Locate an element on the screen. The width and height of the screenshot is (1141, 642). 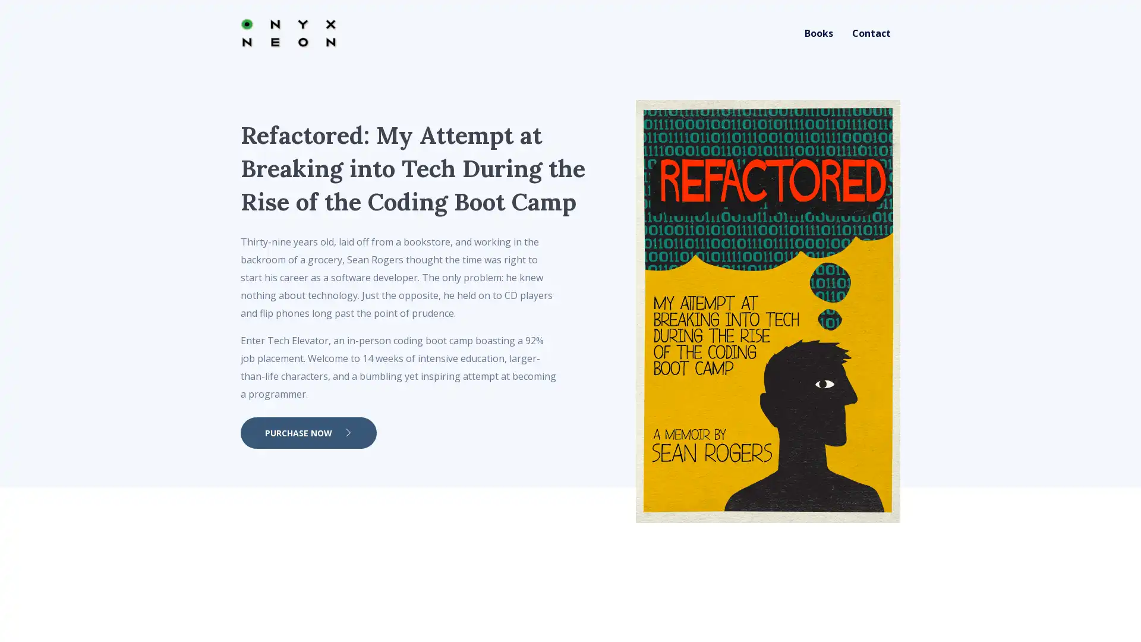
PURCHASE NOW is located at coordinates (308, 433).